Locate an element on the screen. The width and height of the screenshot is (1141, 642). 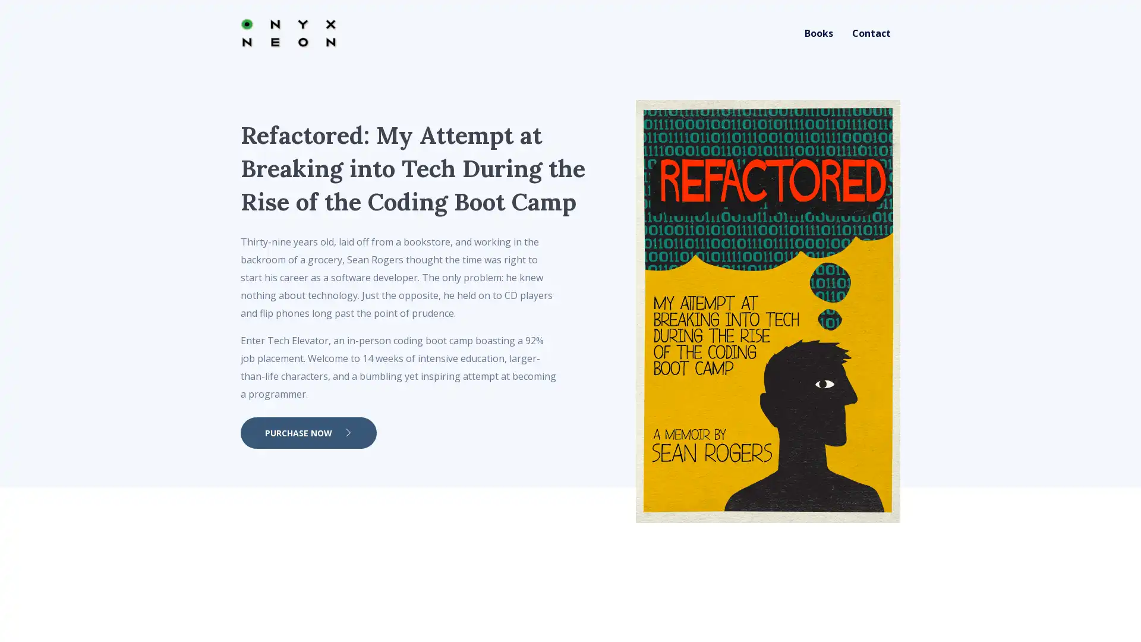
PURCHASE NOW is located at coordinates (308, 433).